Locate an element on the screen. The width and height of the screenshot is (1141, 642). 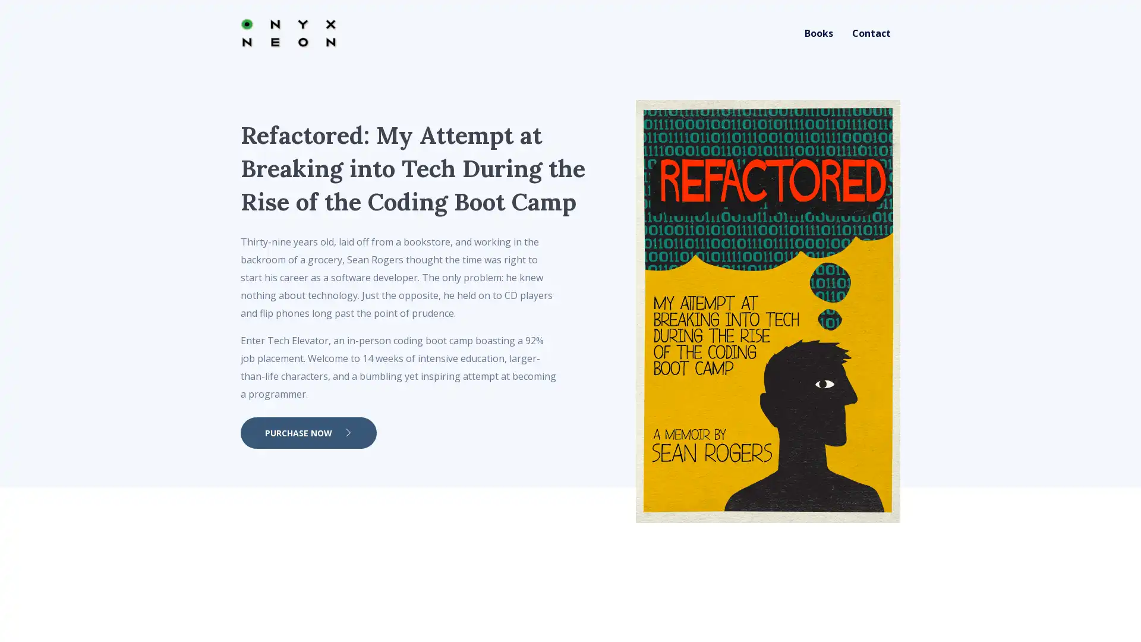
PURCHASE NOW is located at coordinates (308, 433).